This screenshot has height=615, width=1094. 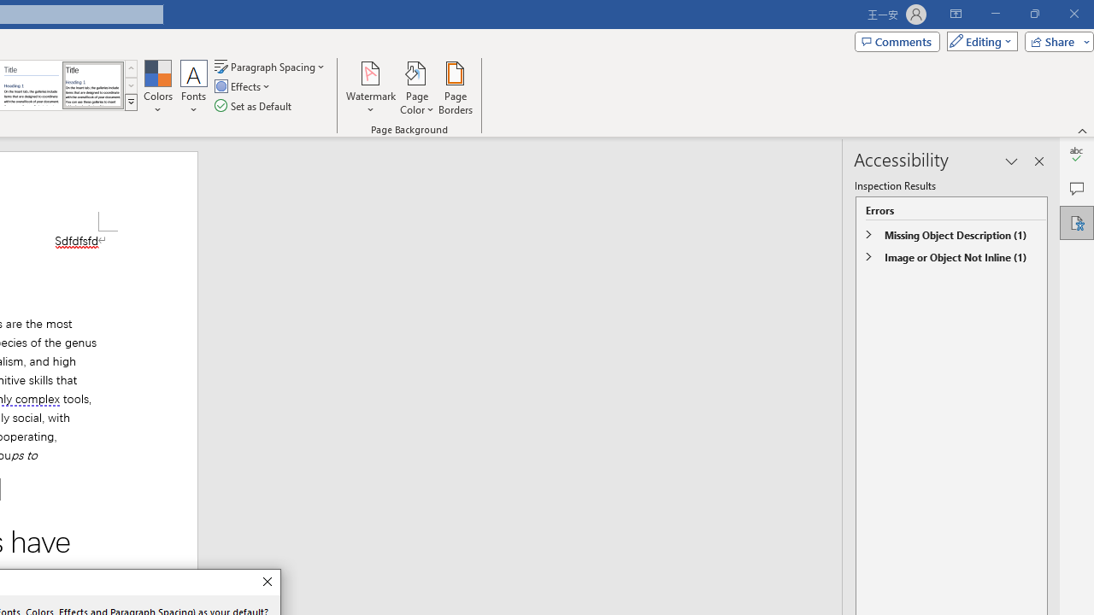 I want to click on 'Set as Default', so click(x=254, y=106).